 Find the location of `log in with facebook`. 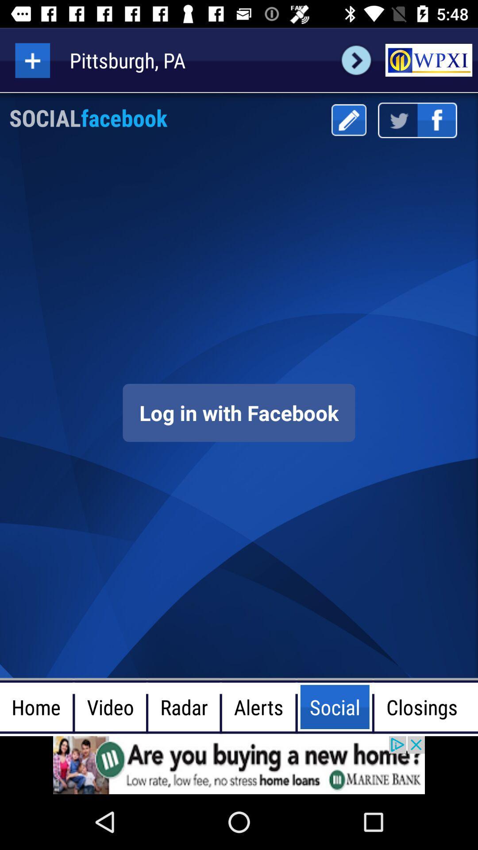

log in with facebook is located at coordinates (239, 412).